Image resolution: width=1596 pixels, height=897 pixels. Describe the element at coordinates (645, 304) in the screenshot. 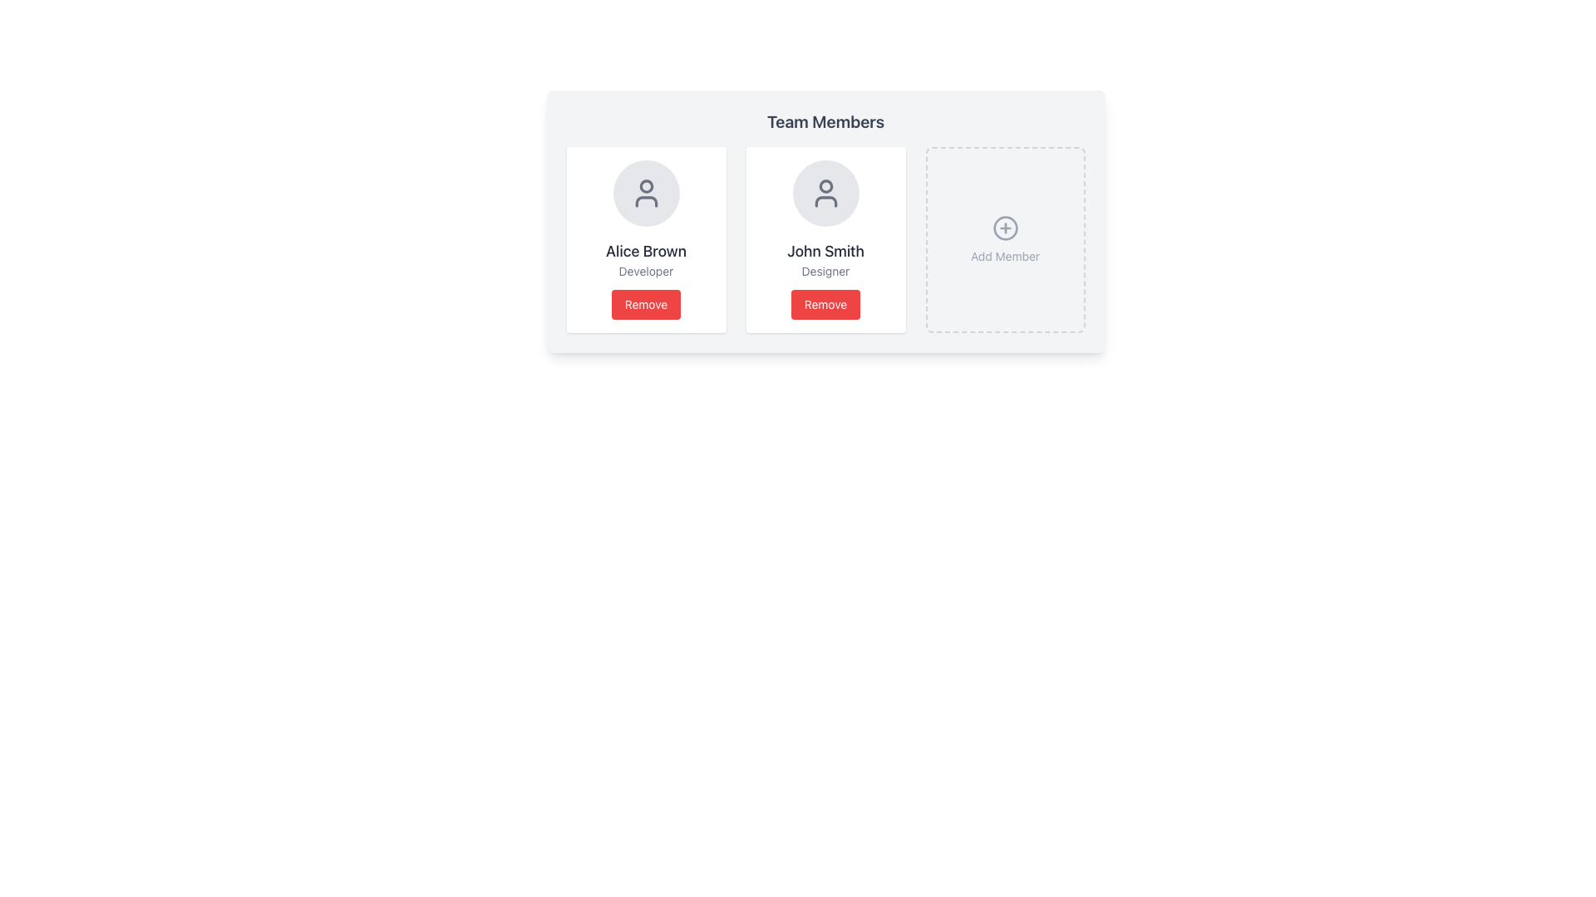

I see `the button located at the bottom center of Alice Brown's information card` at that location.